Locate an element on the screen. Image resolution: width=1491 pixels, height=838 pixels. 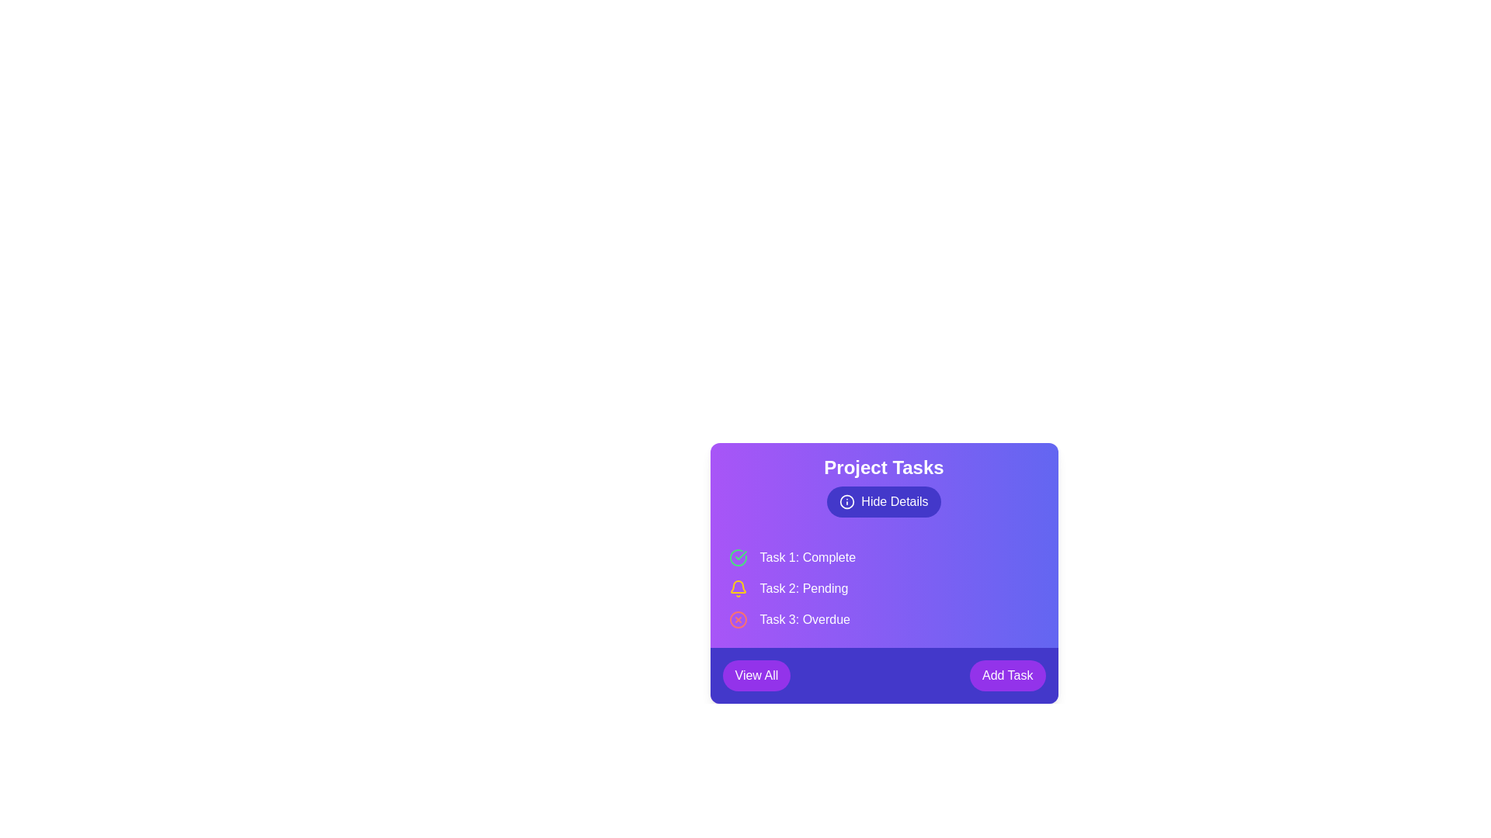
the central circular component of the information icon located in the task panel, which is situated next to the 'Hide Details' button in the 'Project Tasks' section is located at coordinates (846, 502).